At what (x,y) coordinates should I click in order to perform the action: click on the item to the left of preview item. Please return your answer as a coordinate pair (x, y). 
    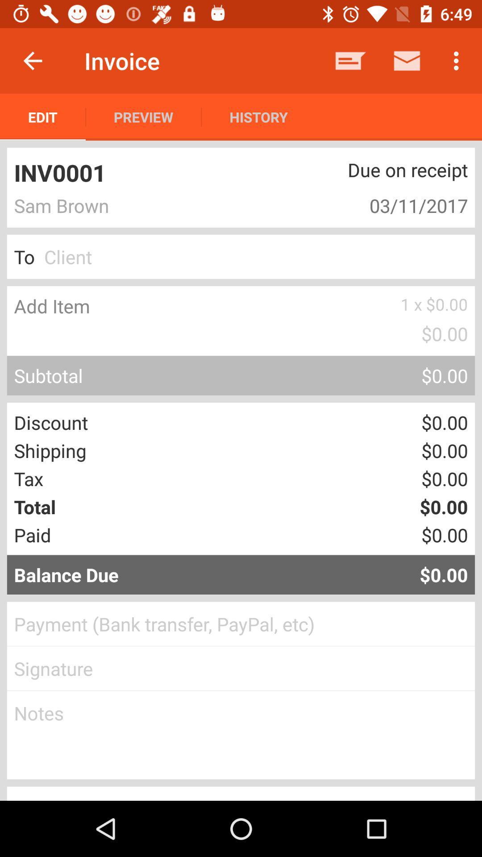
    Looking at the image, I should click on (43, 116).